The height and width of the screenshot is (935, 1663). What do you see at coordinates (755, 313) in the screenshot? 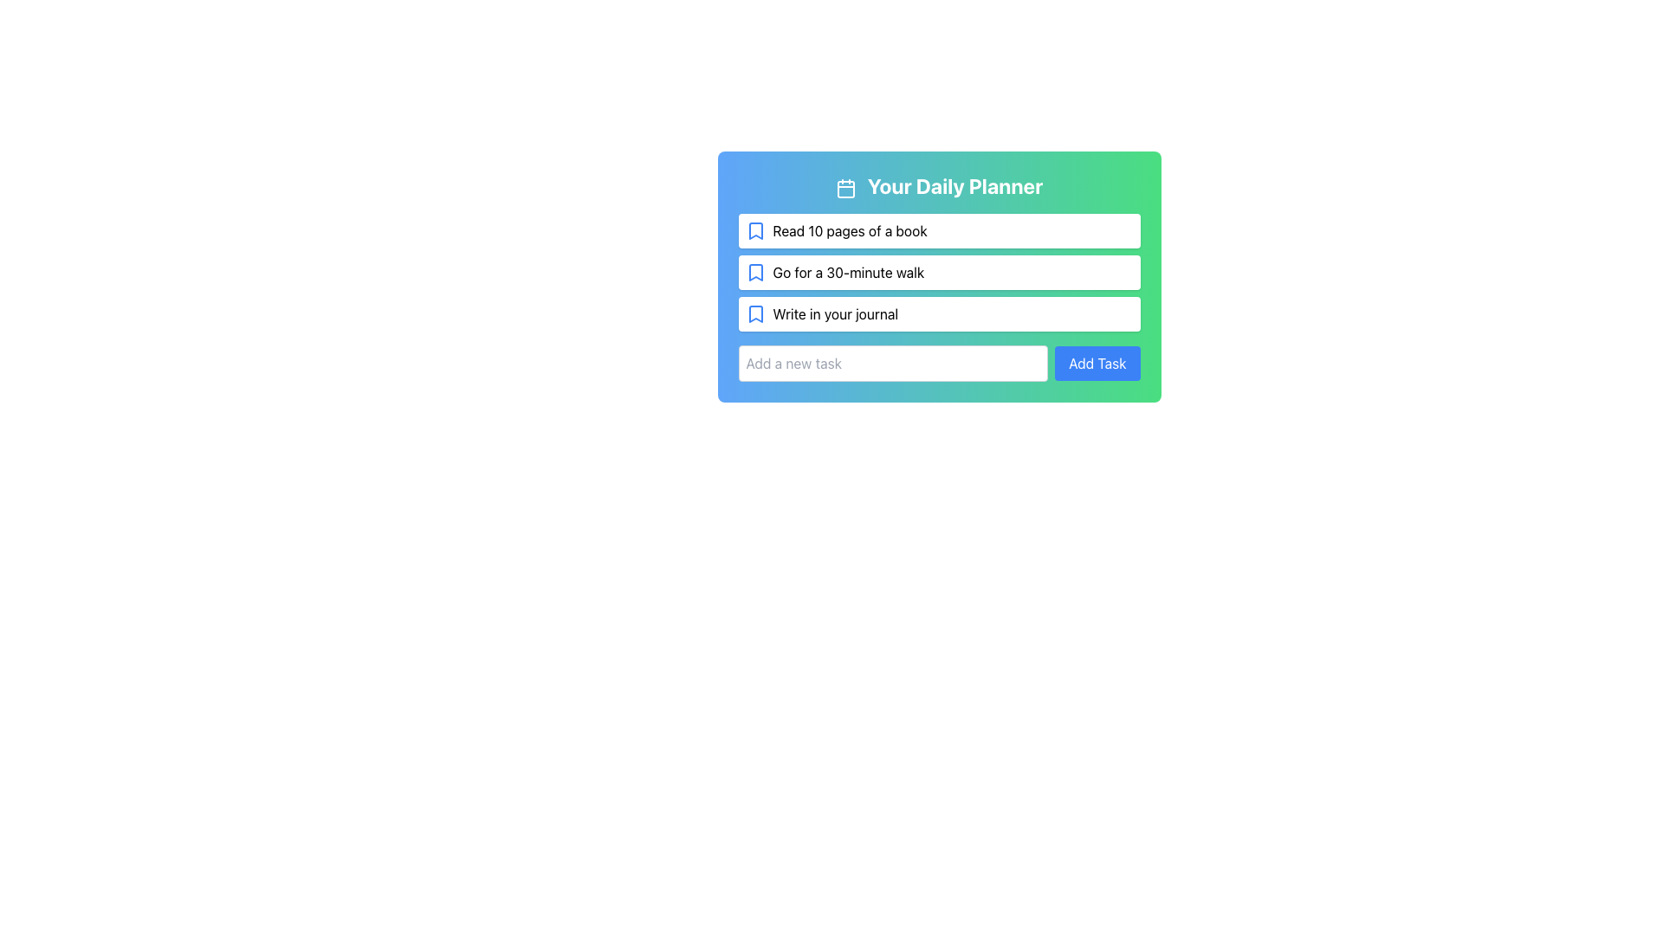
I see `the bookmark icon located to the left of the text 'Write in your journal' in the third list item of the 'Your Daily Planner' section` at bounding box center [755, 313].